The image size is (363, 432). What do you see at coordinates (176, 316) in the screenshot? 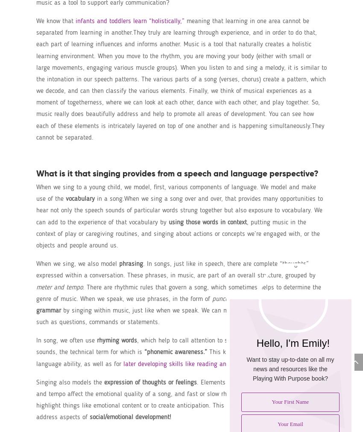
I see `'by singing within music, just like when we speak. We can model various kinds of sentences, such as questions, commands or statements.'` at bounding box center [176, 316].